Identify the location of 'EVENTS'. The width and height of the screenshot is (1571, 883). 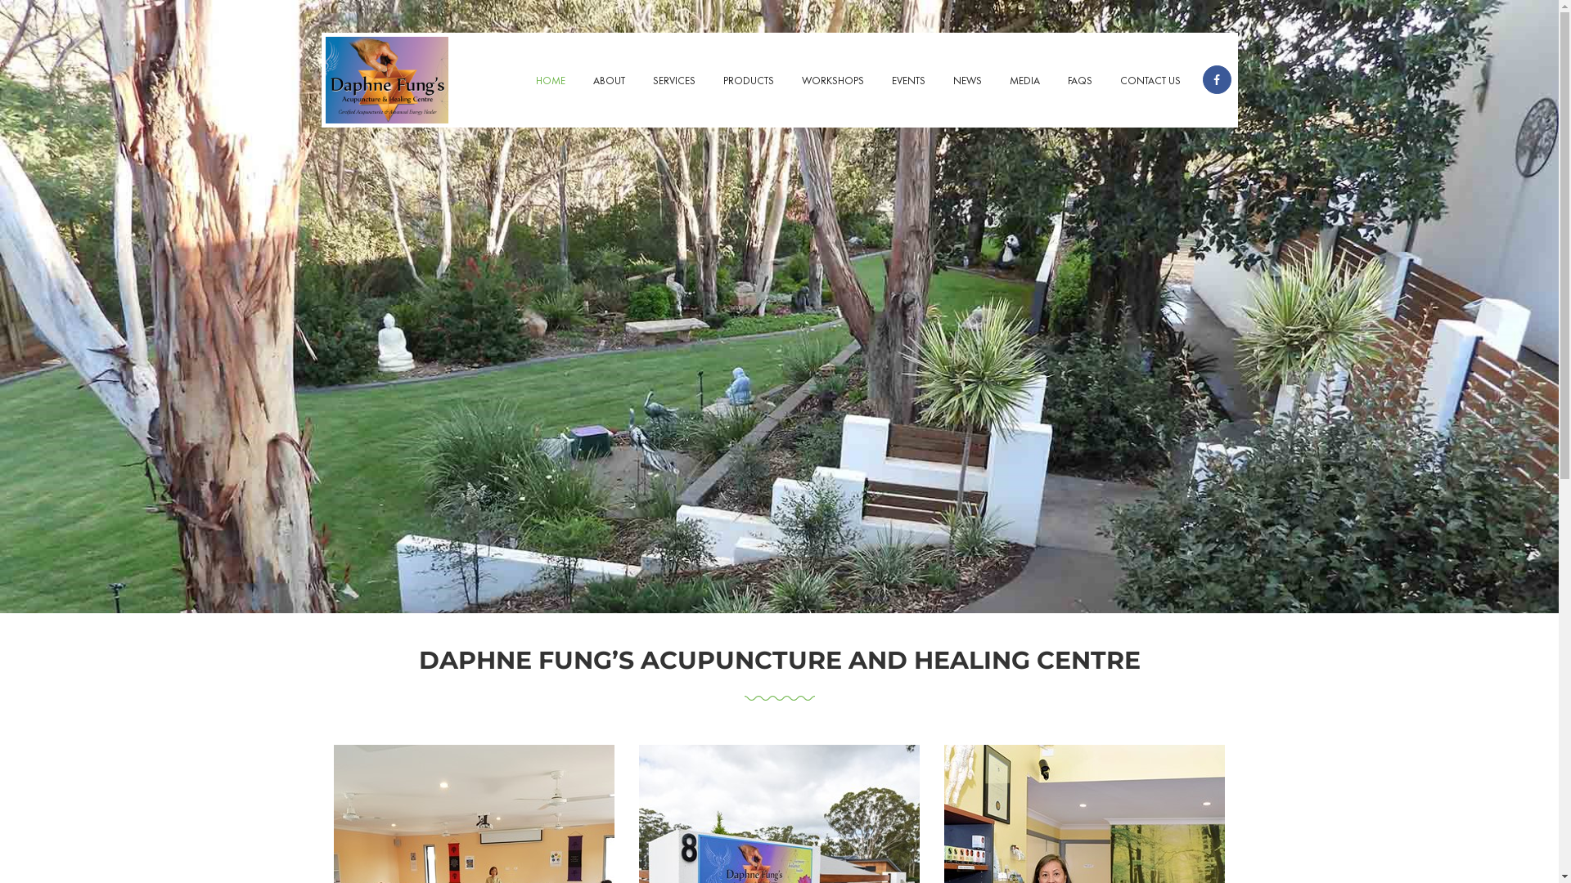
(907, 82).